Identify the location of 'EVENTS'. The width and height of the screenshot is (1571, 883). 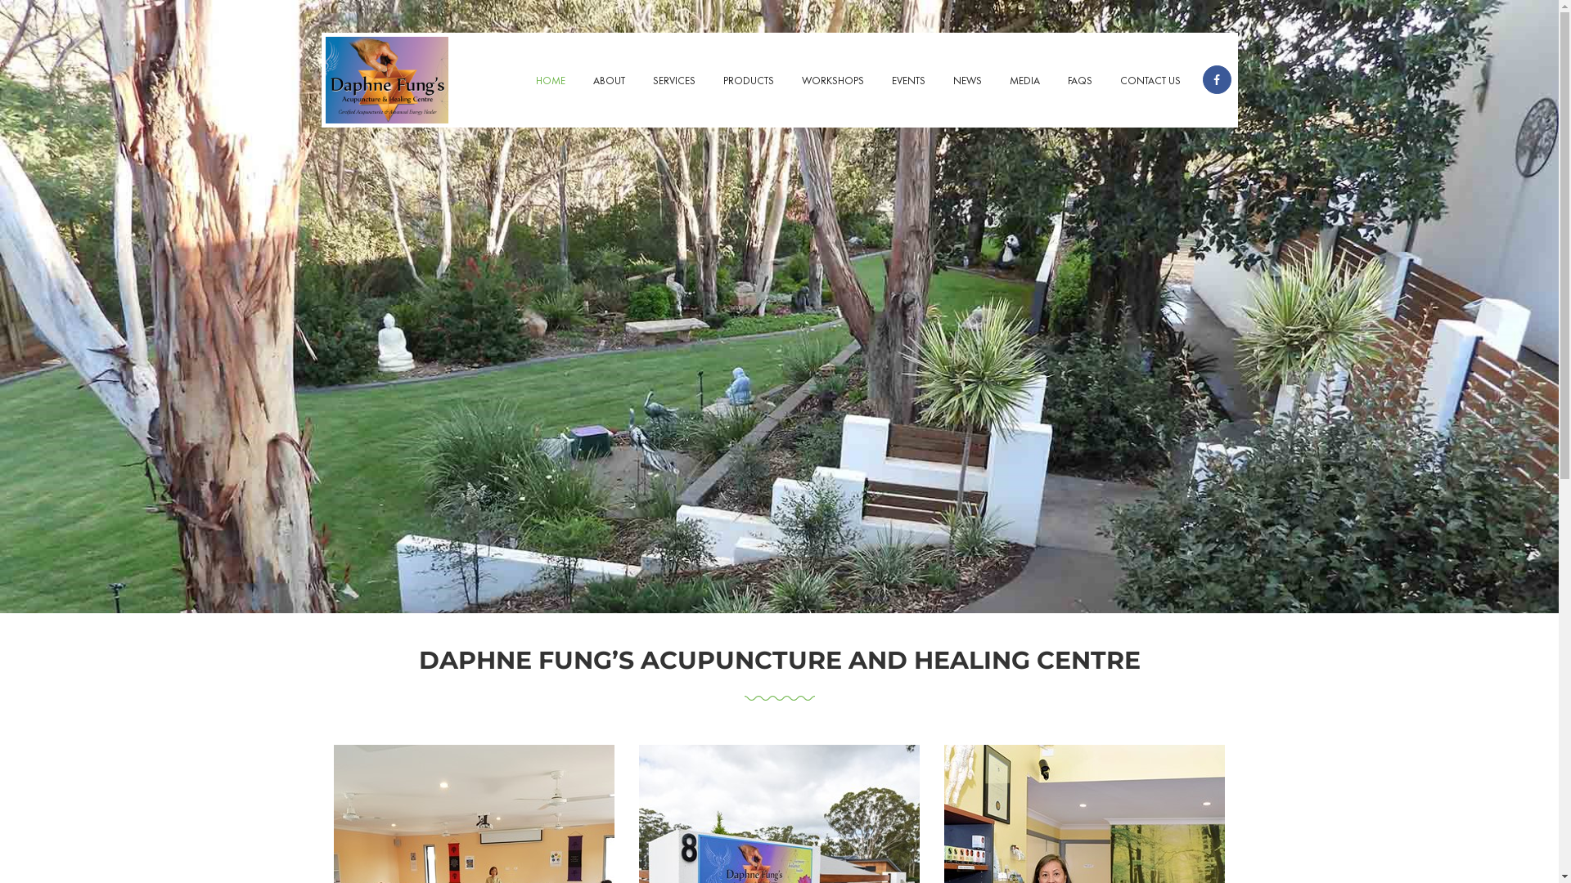
(907, 82).